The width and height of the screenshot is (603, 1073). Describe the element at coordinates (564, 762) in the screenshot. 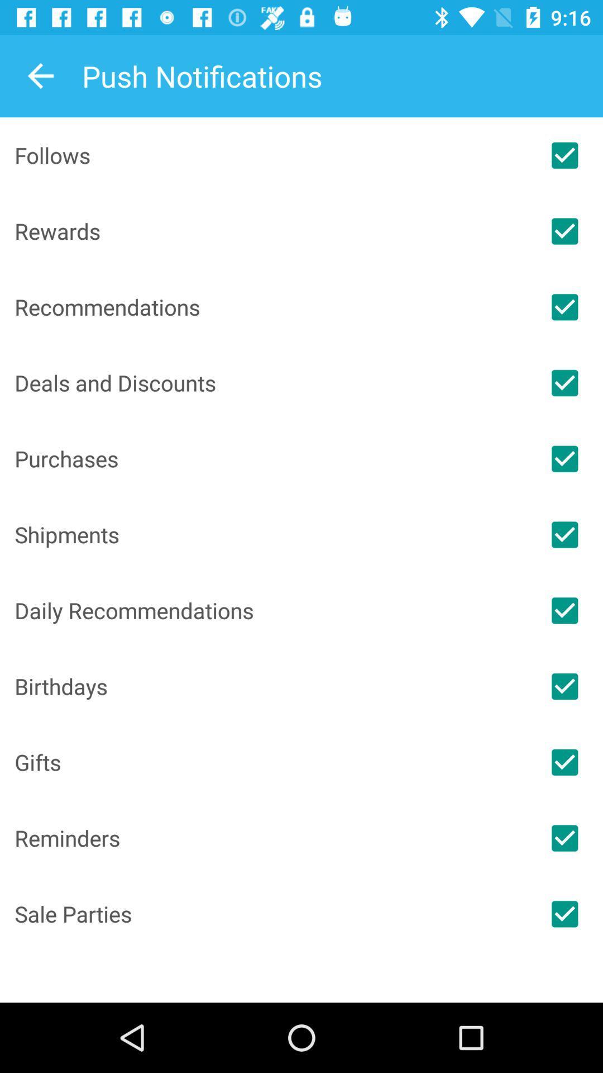

I see `or unselect this item` at that location.